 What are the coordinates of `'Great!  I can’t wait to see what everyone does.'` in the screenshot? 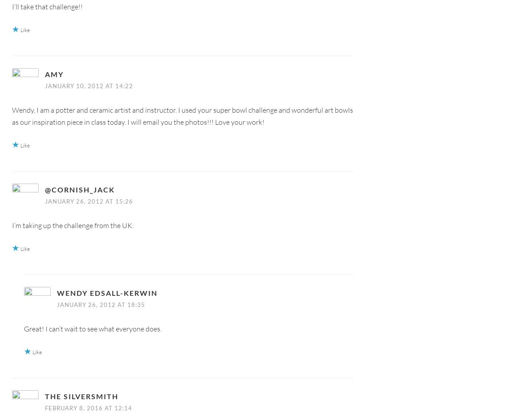 It's located at (92, 328).